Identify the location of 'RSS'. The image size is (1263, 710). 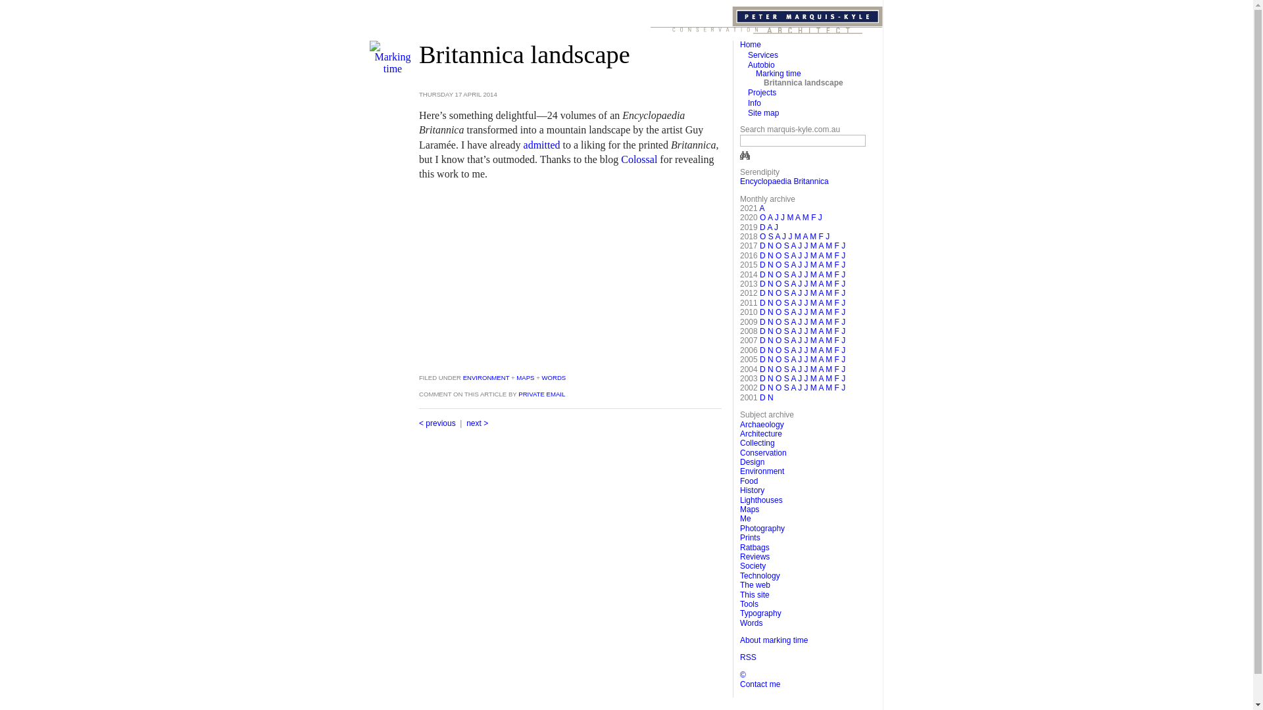
(739, 657).